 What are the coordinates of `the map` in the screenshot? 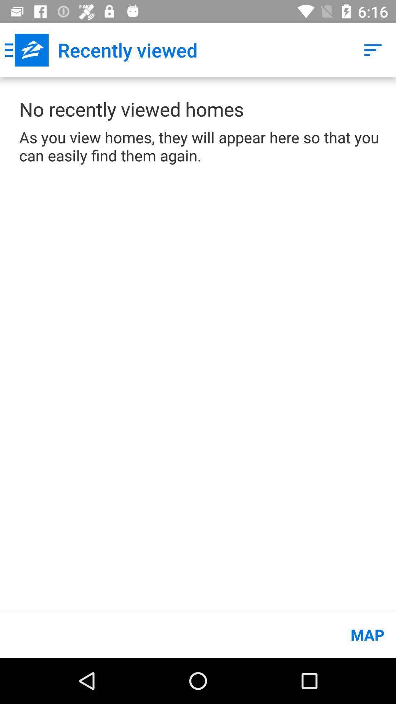 It's located at (198, 634).